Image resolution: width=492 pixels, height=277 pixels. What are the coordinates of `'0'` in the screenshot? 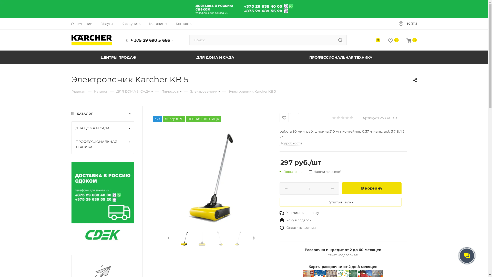 It's located at (407, 40).